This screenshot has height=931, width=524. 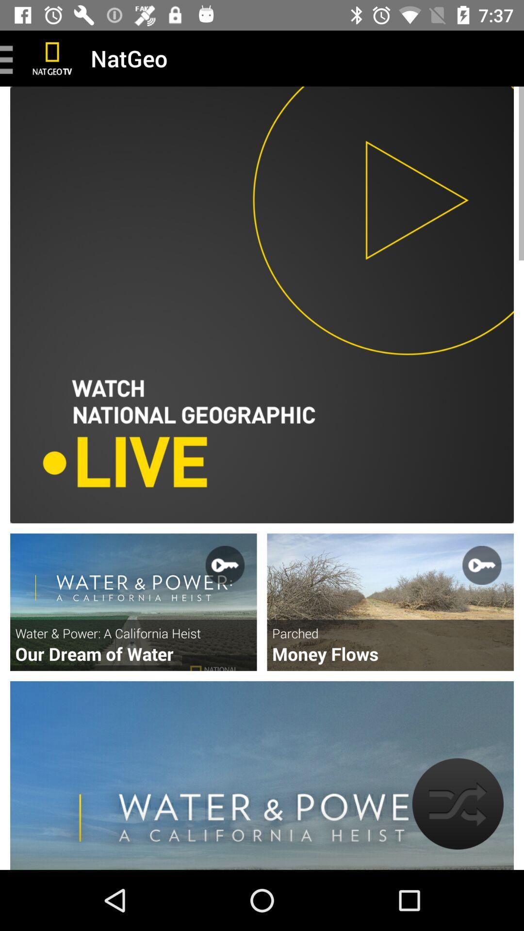 What do you see at coordinates (390, 602) in the screenshot?
I see `watch video` at bounding box center [390, 602].